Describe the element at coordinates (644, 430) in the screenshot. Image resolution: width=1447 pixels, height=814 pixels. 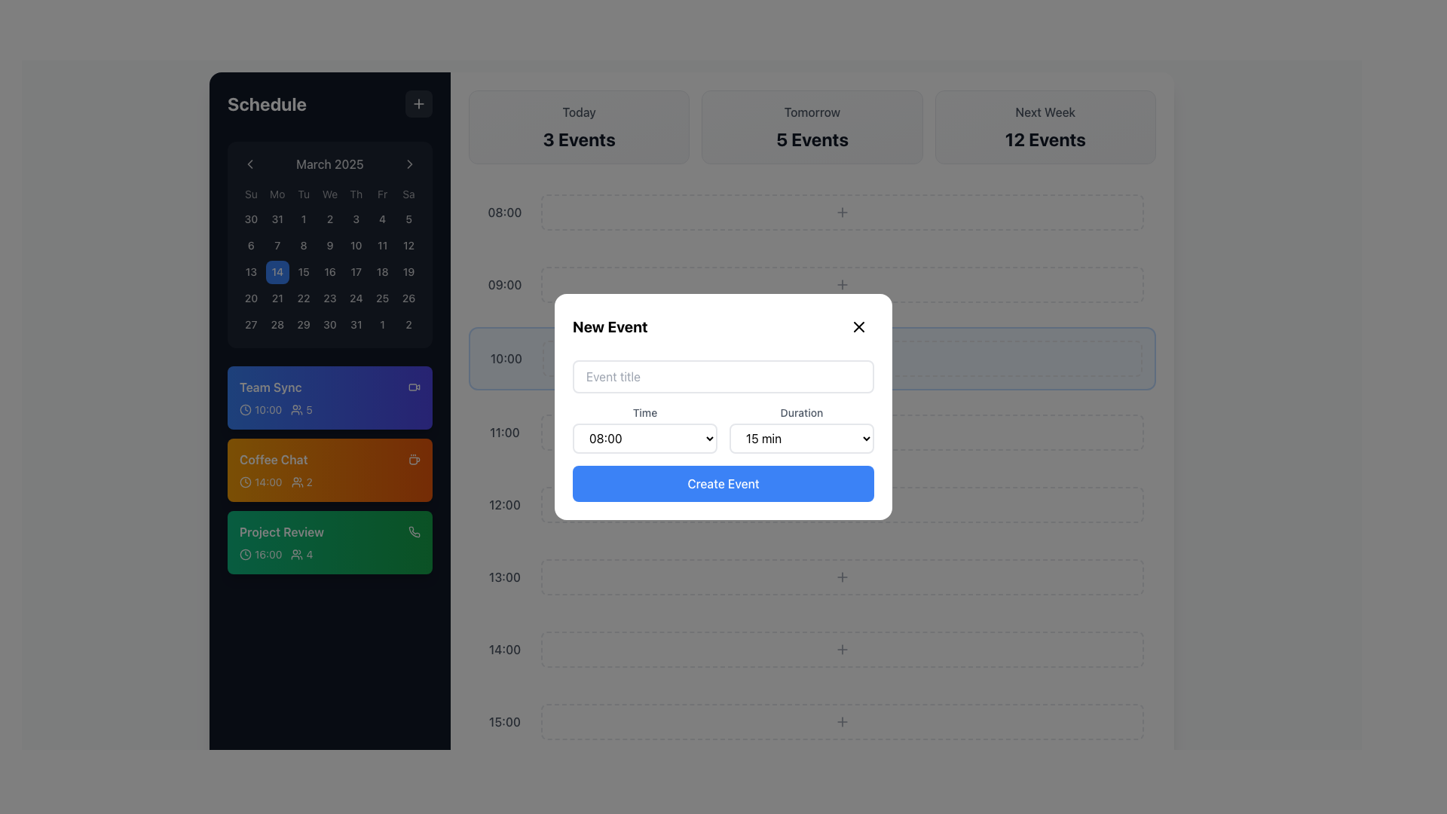
I see `a time option from the 'Time' dropdown menu located under the 'New Event' dialog header` at that location.